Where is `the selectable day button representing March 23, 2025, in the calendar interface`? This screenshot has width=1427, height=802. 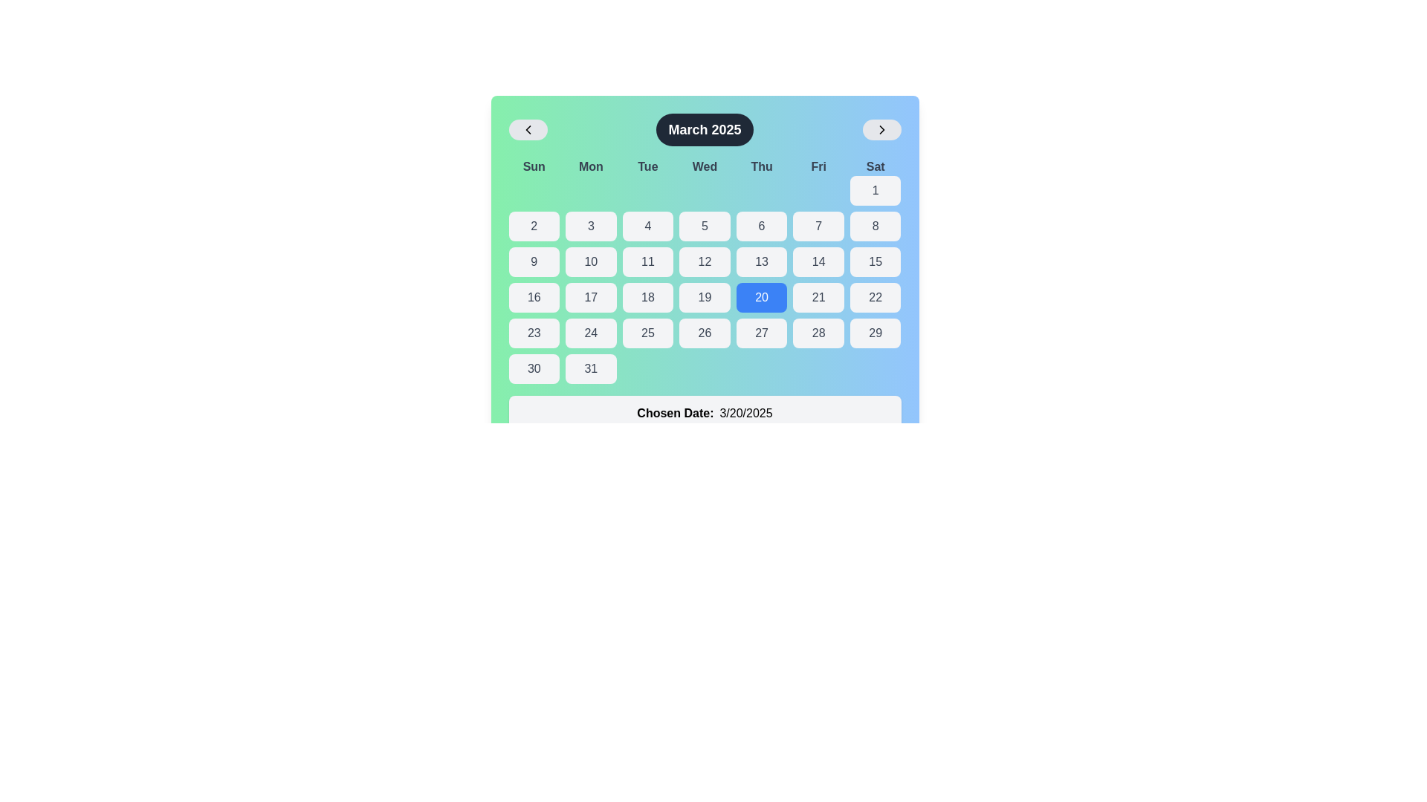 the selectable day button representing March 23, 2025, in the calendar interface is located at coordinates (534, 332).